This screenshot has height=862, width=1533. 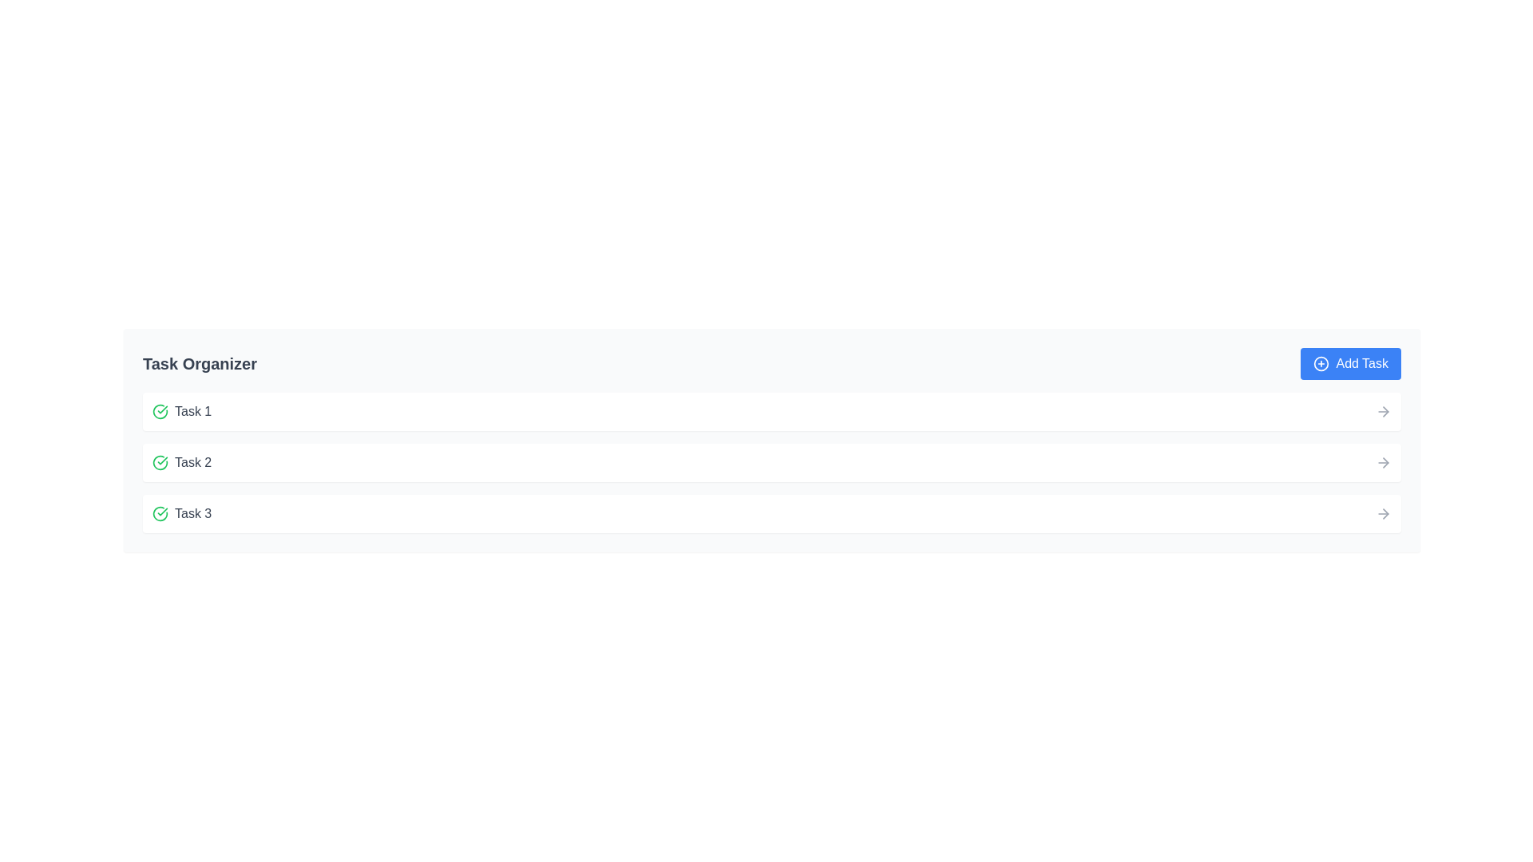 I want to click on the 'Add Task' button which contains a blue circular icon with a plus sign at its center, so click(x=1321, y=363).